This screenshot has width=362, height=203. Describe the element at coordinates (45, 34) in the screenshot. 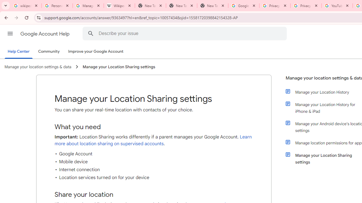

I see `'Google Account Help'` at that location.